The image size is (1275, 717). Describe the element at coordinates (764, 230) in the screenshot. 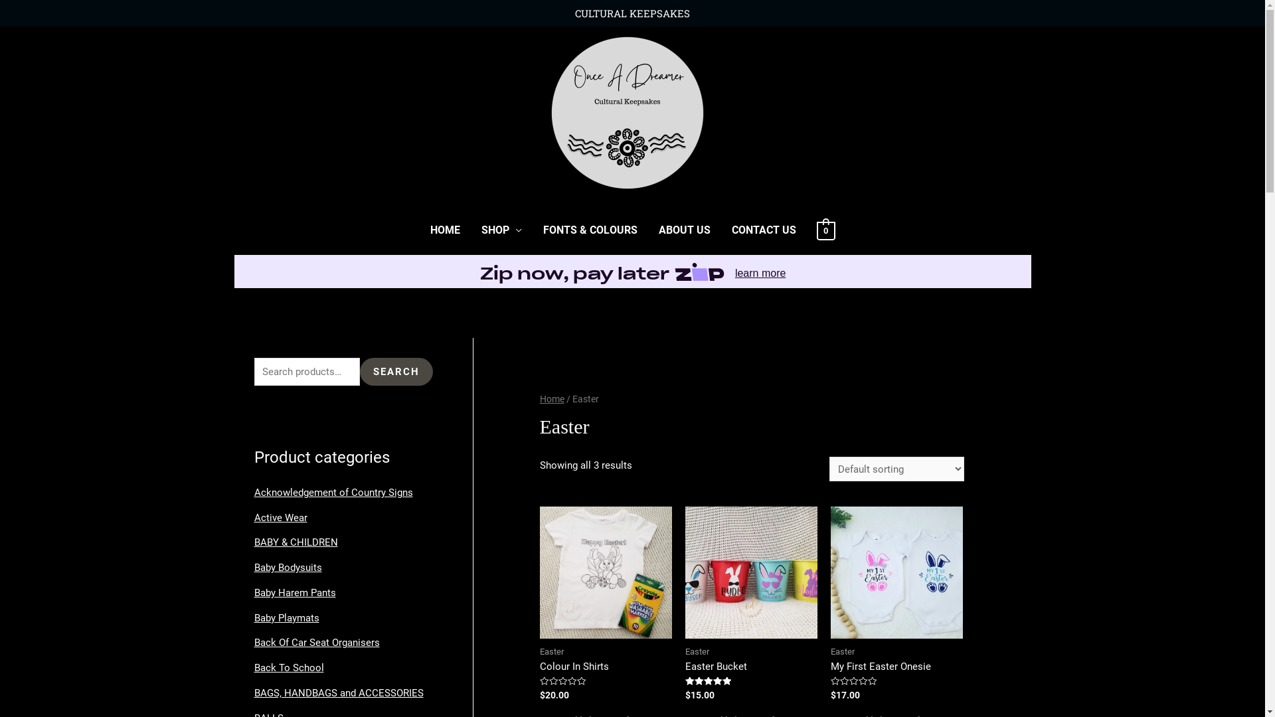

I see `'CONTACT US'` at that location.